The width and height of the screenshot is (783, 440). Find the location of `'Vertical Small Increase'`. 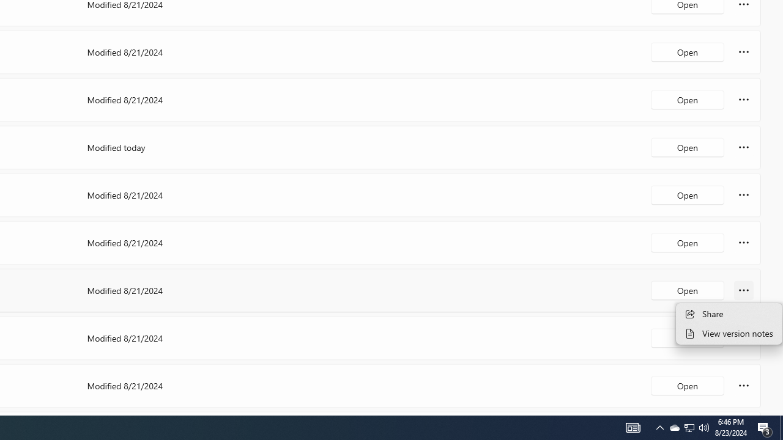

'Vertical Small Increase' is located at coordinates (777, 411).